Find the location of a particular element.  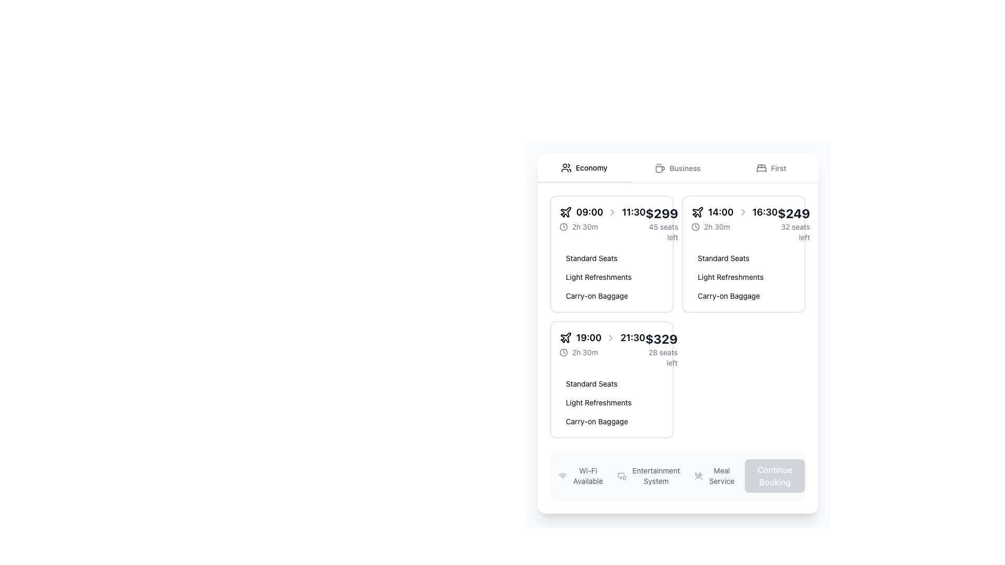

the text display with integrated icons that shows the departure and arrival times of a travel option is located at coordinates (602, 212).